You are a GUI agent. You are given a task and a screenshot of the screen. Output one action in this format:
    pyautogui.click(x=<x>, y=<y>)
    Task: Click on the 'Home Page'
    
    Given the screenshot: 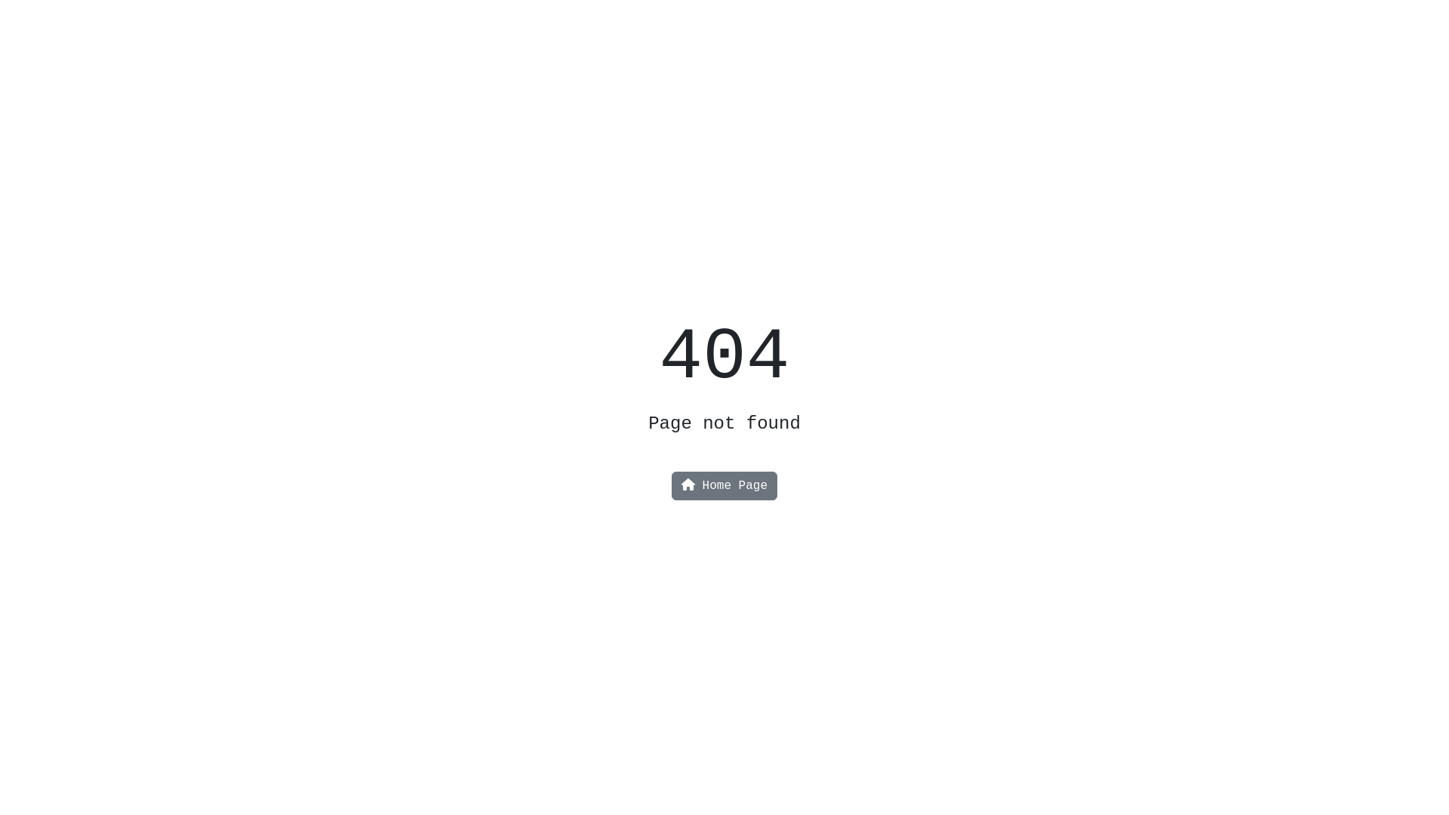 What is the action you would take?
    pyautogui.click(x=724, y=486)
    